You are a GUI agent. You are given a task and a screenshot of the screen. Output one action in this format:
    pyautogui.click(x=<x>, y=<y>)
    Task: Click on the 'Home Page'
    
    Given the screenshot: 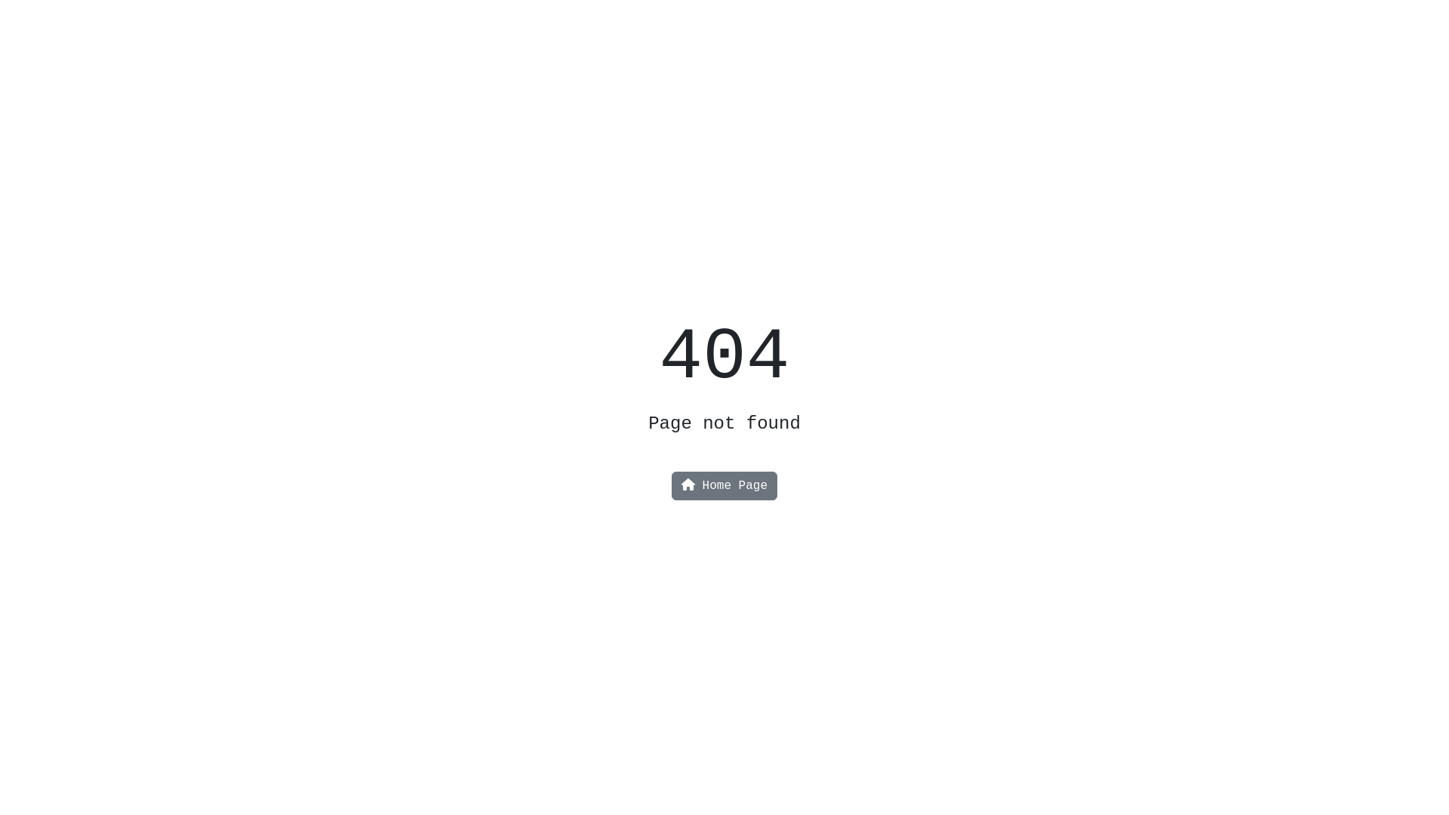 What is the action you would take?
    pyautogui.click(x=724, y=486)
    